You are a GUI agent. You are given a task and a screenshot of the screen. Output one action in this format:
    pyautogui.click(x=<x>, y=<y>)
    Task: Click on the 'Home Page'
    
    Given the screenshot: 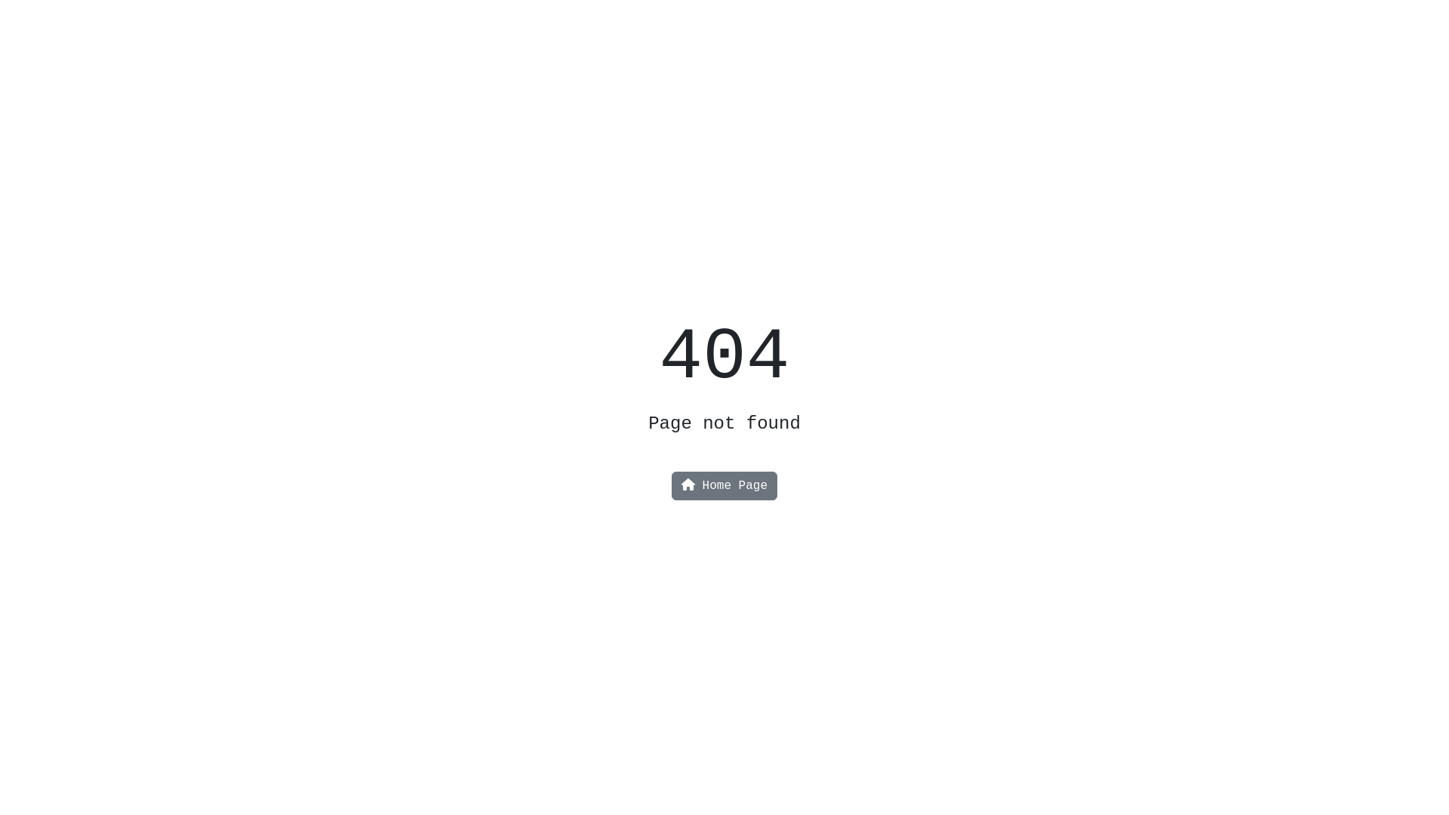 What is the action you would take?
    pyautogui.click(x=724, y=486)
    